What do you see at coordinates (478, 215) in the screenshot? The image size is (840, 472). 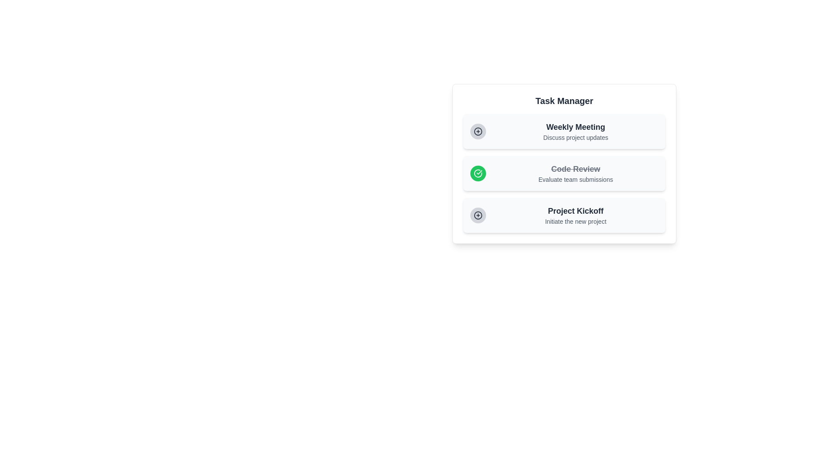 I see `the circular '+' icon with a gray background and darker gray border, located in the 'Task Manager' card to invoke its function` at bounding box center [478, 215].